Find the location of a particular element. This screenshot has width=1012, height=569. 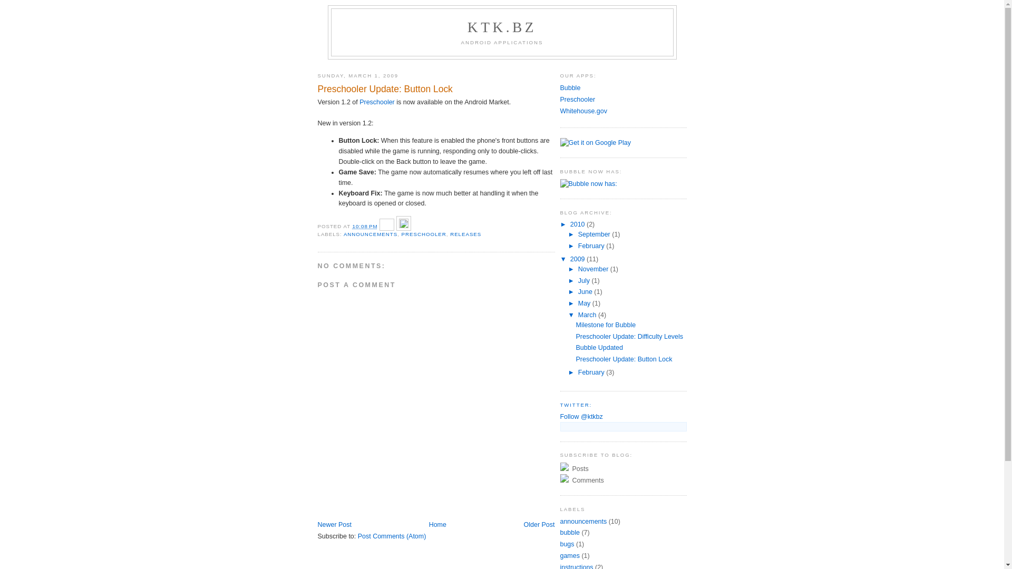

'Comments' is located at coordinates (622, 479).